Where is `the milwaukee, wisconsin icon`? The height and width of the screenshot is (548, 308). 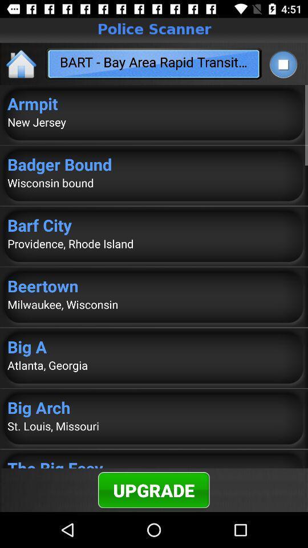 the milwaukee, wisconsin icon is located at coordinates (154, 304).